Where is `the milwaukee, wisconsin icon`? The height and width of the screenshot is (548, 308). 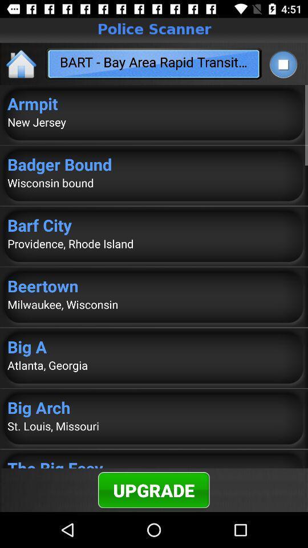 the milwaukee, wisconsin icon is located at coordinates (154, 304).